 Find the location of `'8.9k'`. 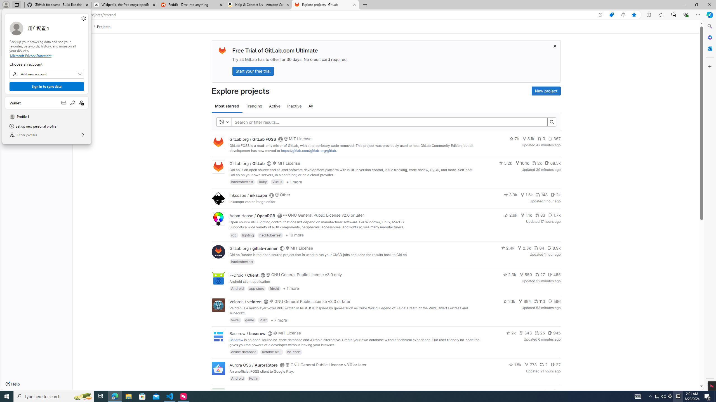

'8.9k' is located at coordinates (554, 247).